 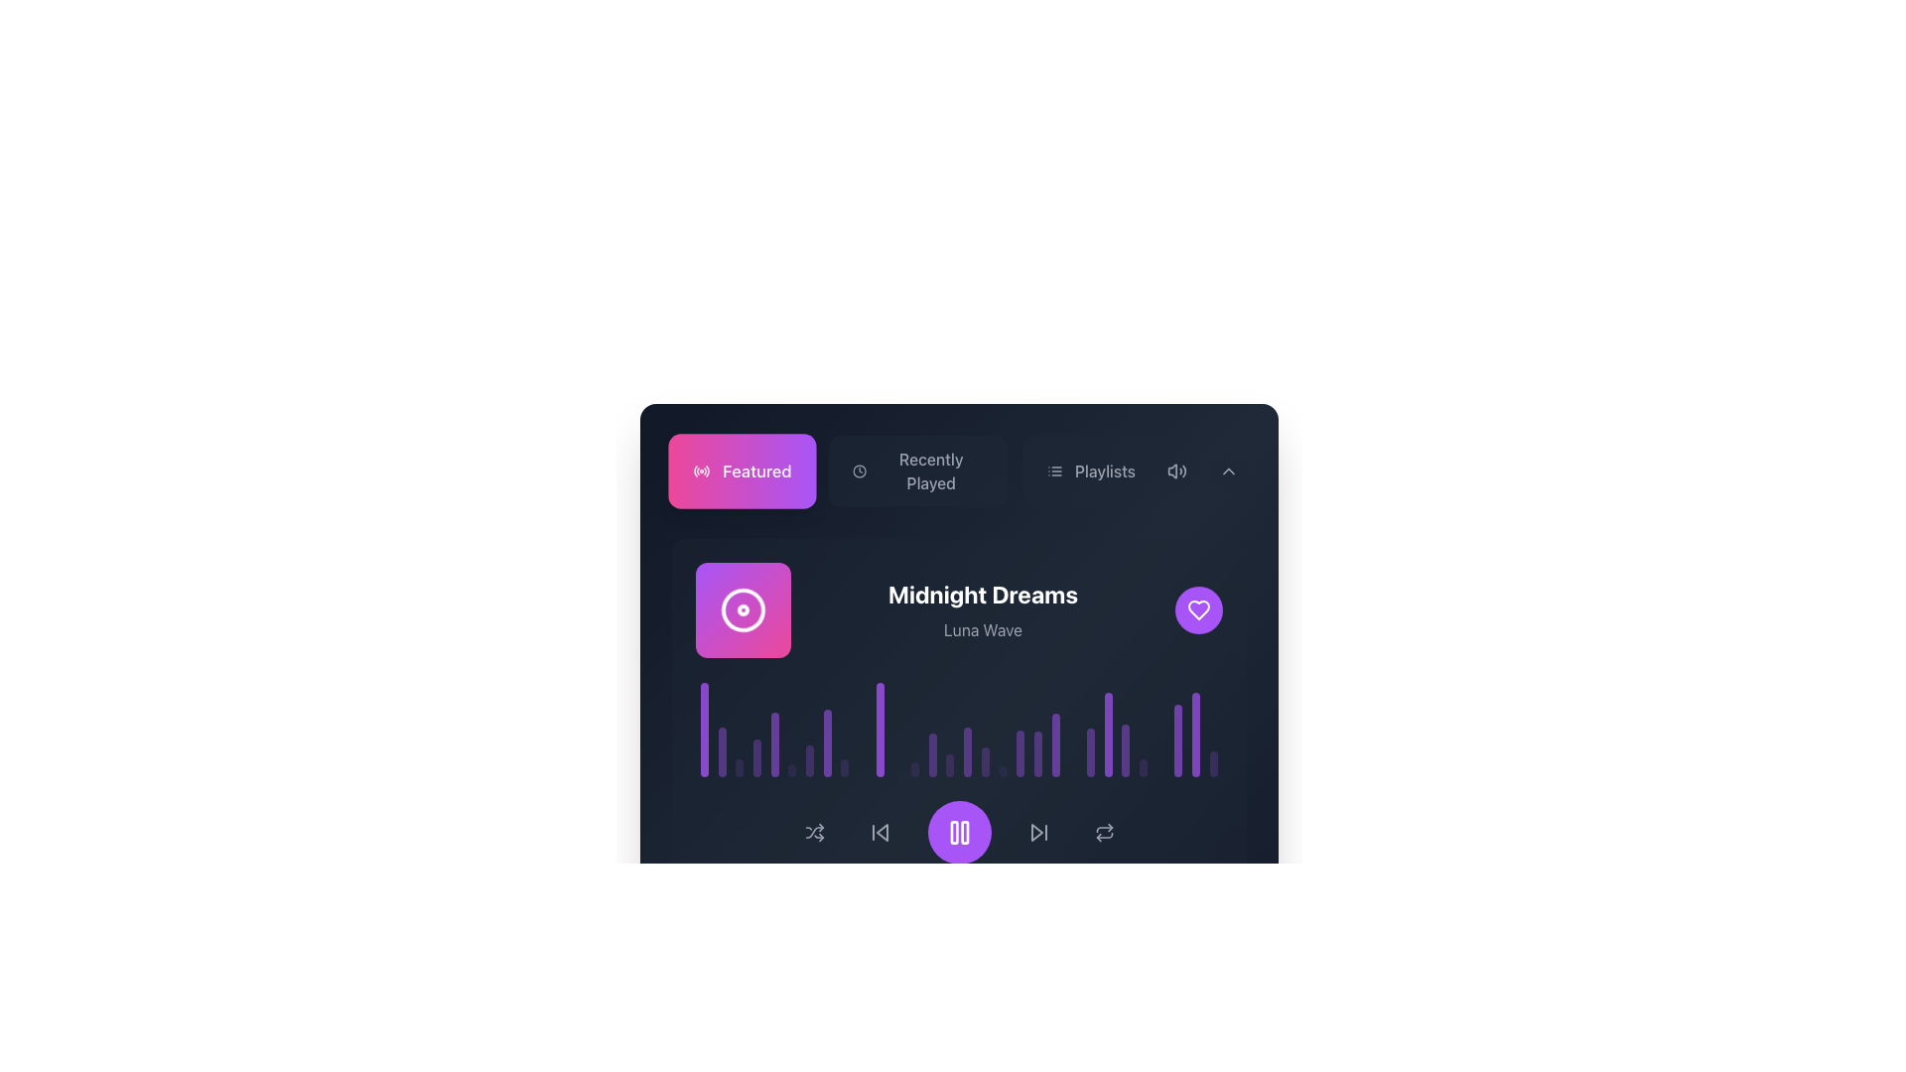 What do you see at coordinates (773, 744) in the screenshot?
I see `the fifth vertical bar in the grouped bar chart or audio visualizer display to visually represent data` at bounding box center [773, 744].